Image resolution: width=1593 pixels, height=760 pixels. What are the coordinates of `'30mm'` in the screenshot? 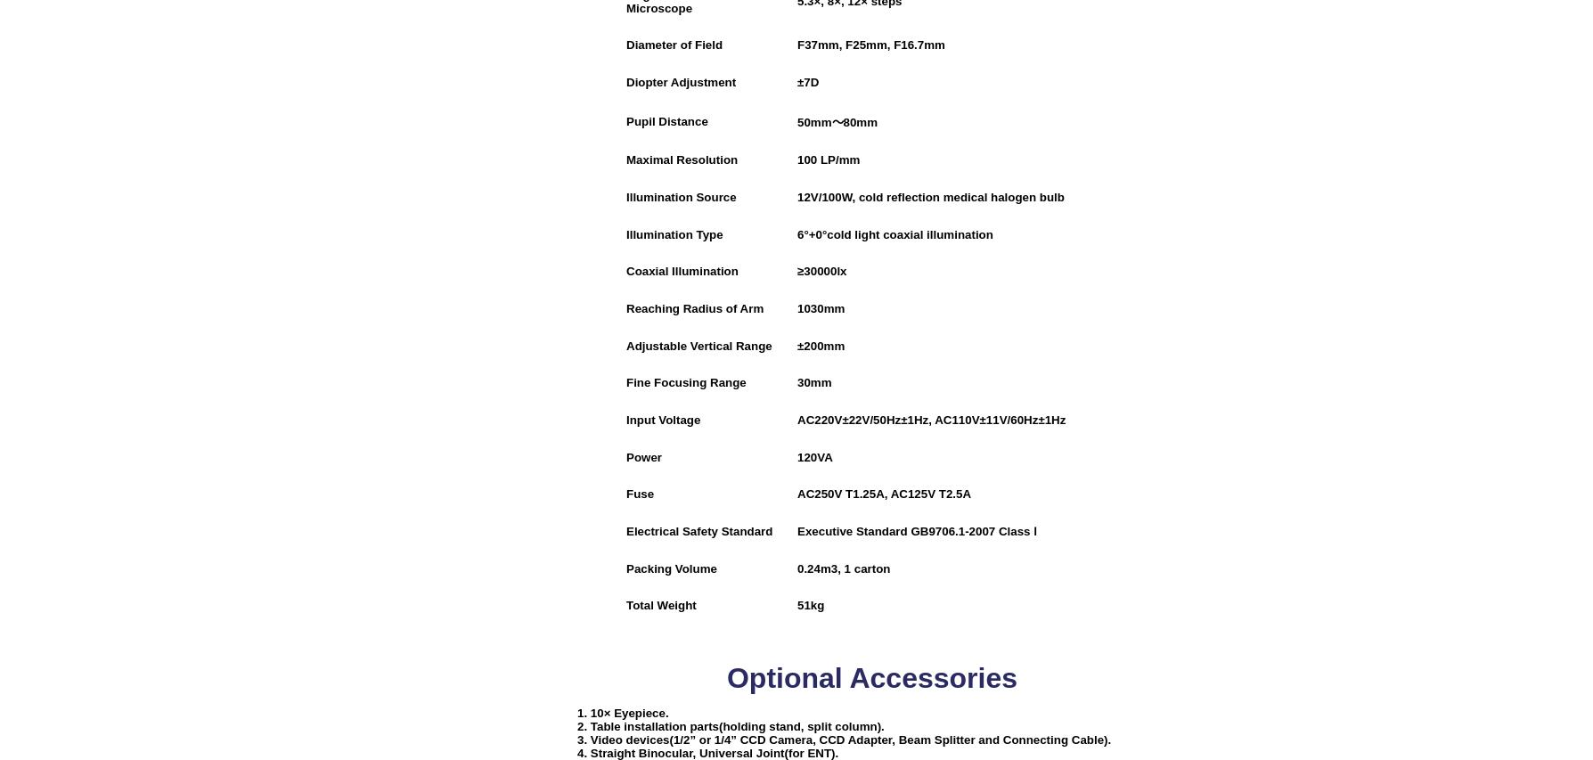 It's located at (814, 382).